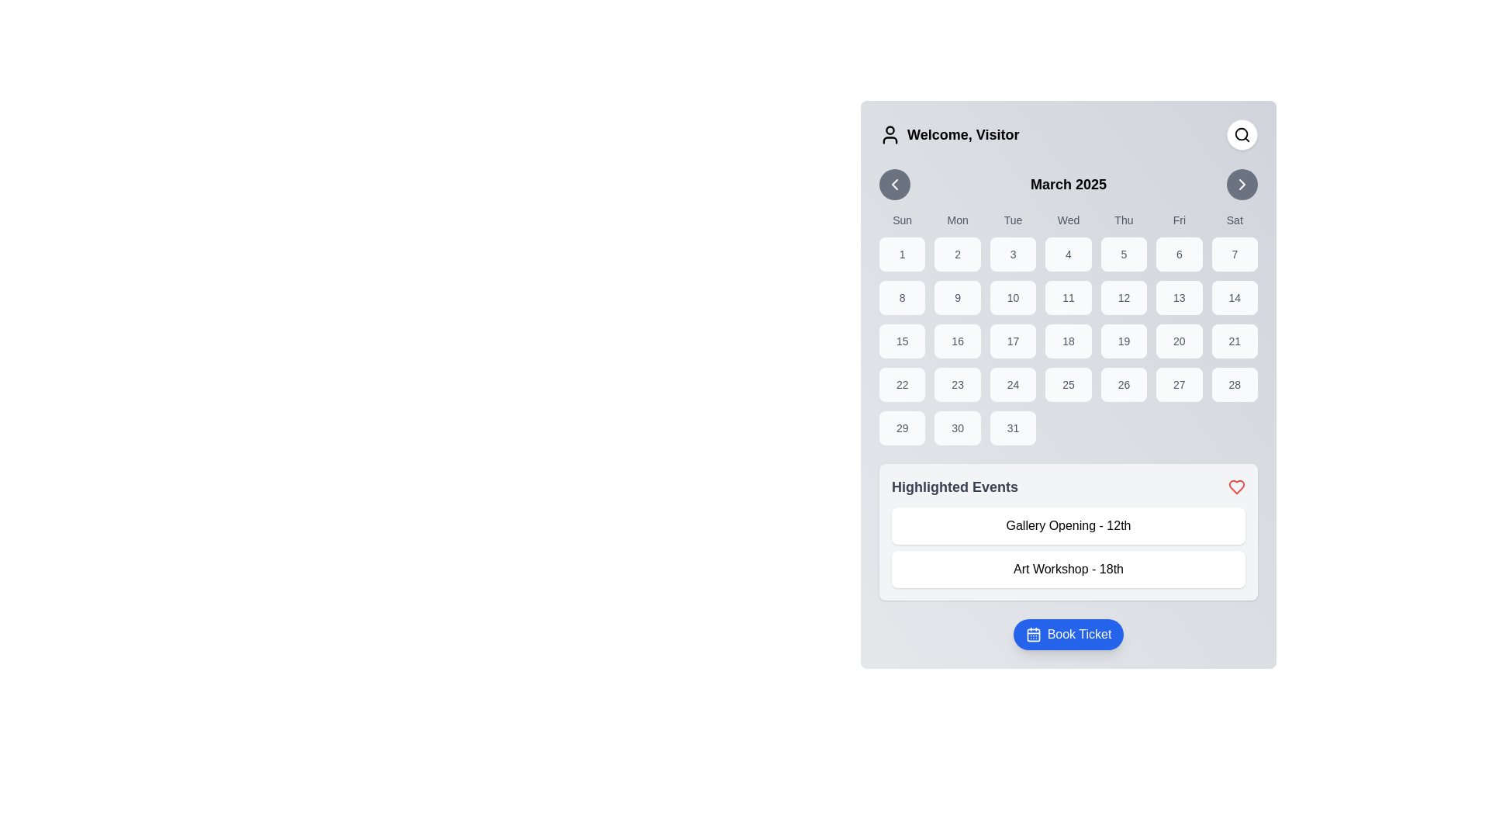 Image resolution: width=1489 pixels, height=838 pixels. I want to click on the Day Cell element displaying '23', so click(956, 384).